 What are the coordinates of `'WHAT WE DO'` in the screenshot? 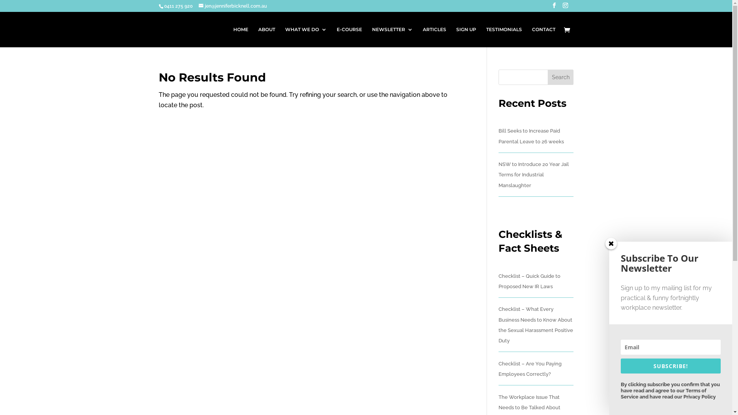 It's located at (306, 37).